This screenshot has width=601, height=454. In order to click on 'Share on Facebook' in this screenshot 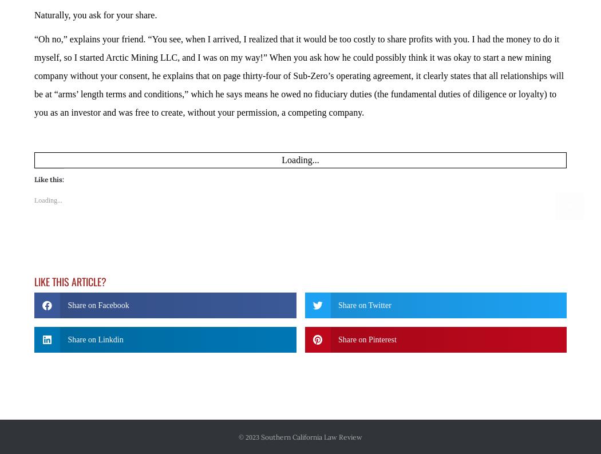, I will do `click(98, 273)`.